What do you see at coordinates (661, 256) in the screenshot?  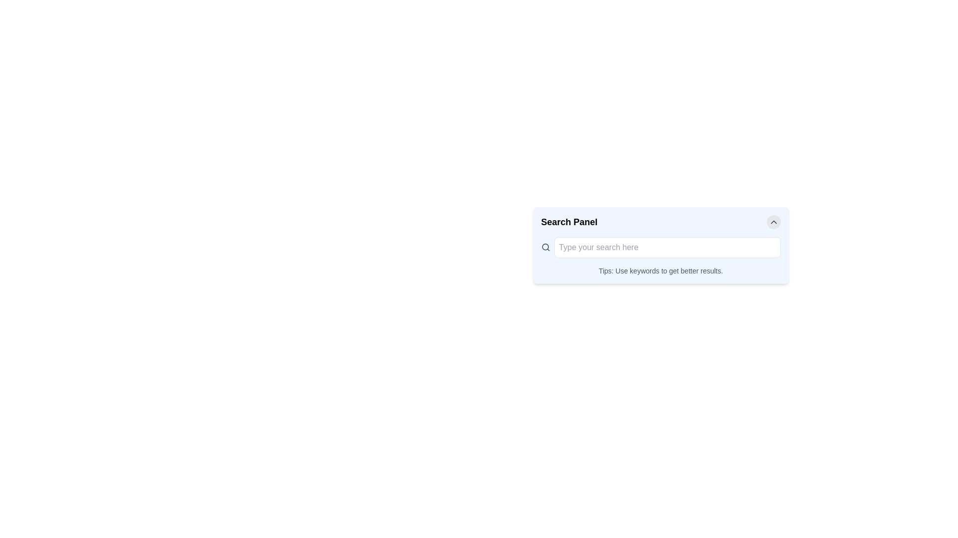 I see `provided tip below the search input field within the search panel, which guides users on achieving better search results` at bounding box center [661, 256].